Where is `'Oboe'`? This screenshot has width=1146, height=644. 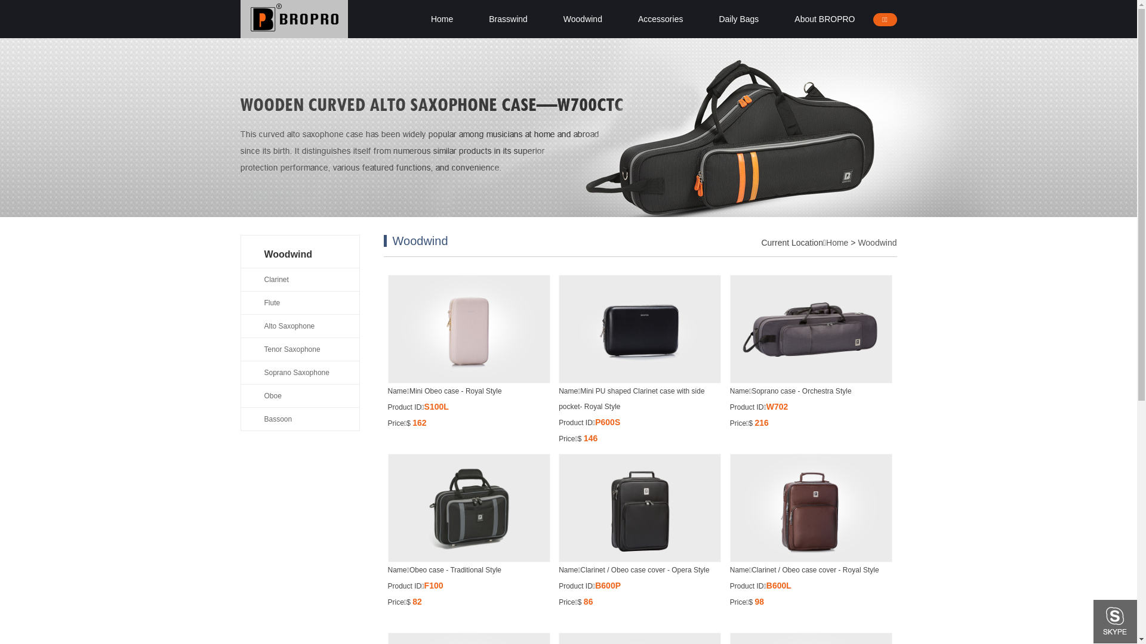 'Oboe' is located at coordinates (299, 395).